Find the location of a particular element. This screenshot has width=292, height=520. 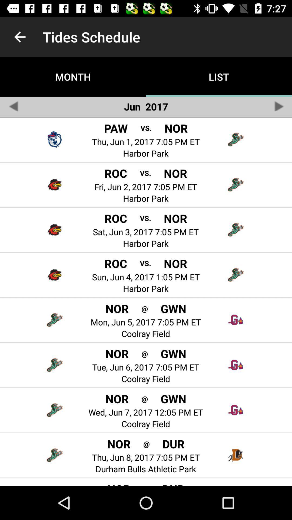

previous is located at coordinates (13, 106).